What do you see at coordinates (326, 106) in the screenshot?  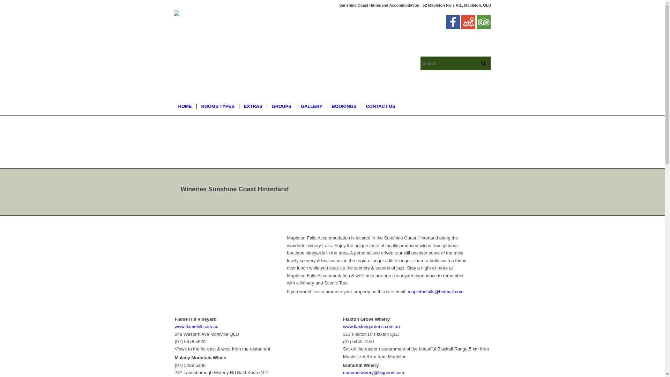 I see `'BOOKINGS'` at bounding box center [326, 106].